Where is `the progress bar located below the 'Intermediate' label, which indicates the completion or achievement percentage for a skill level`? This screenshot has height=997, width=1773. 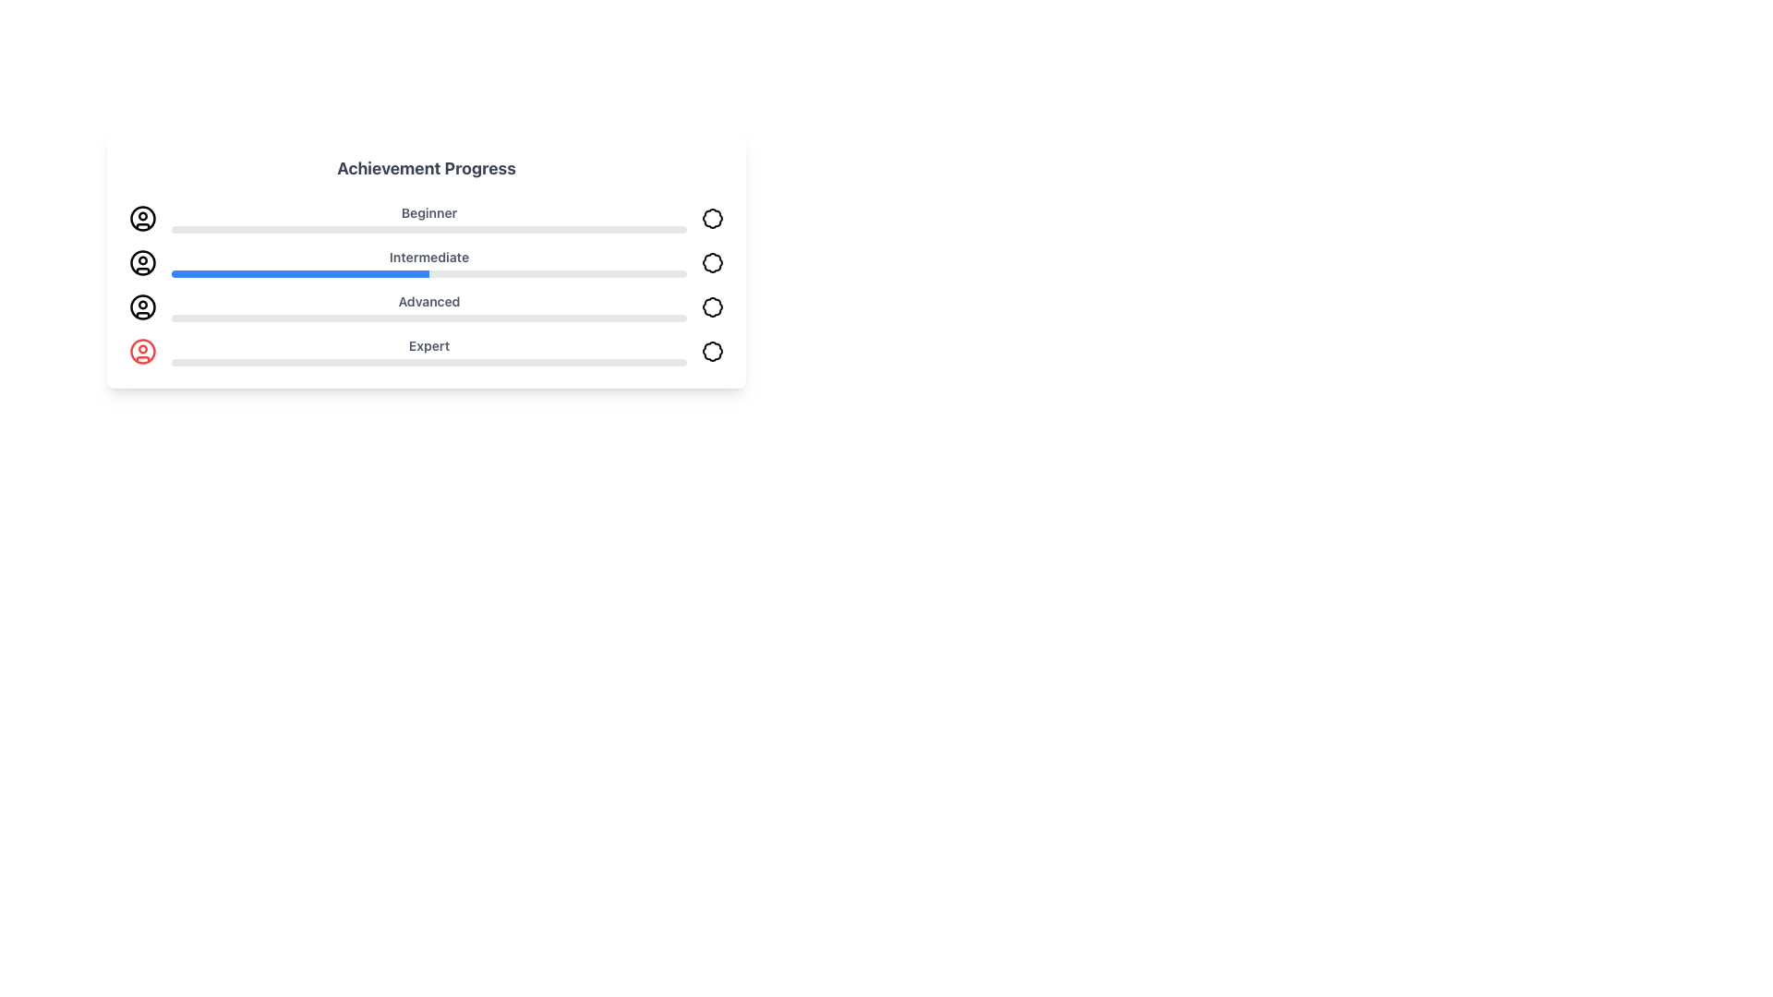 the progress bar located below the 'Intermediate' label, which indicates the completion or achievement percentage for a skill level is located at coordinates (428, 274).